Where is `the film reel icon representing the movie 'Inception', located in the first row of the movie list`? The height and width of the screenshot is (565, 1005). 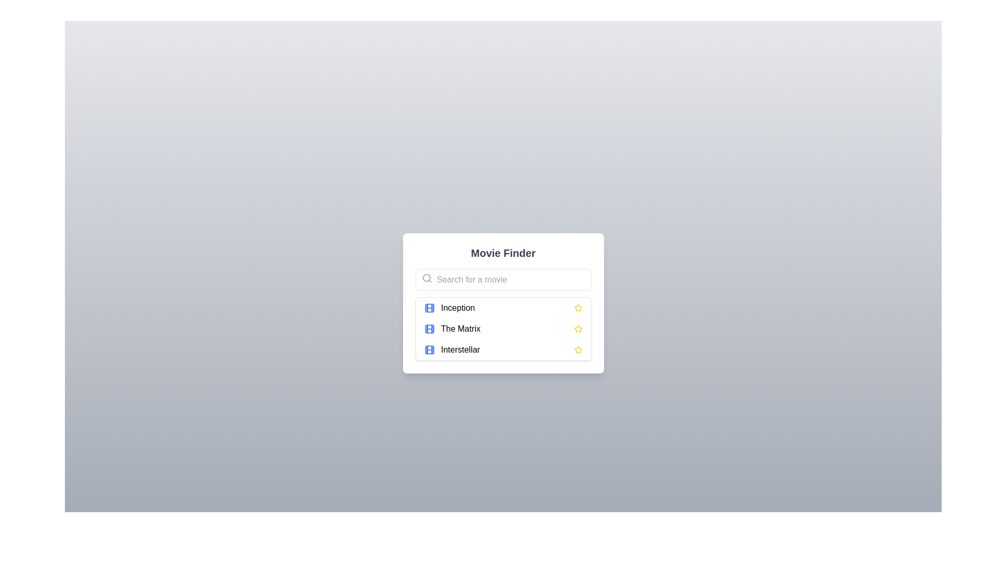
the film reel icon representing the movie 'Inception', located in the first row of the movie list is located at coordinates (429, 308).